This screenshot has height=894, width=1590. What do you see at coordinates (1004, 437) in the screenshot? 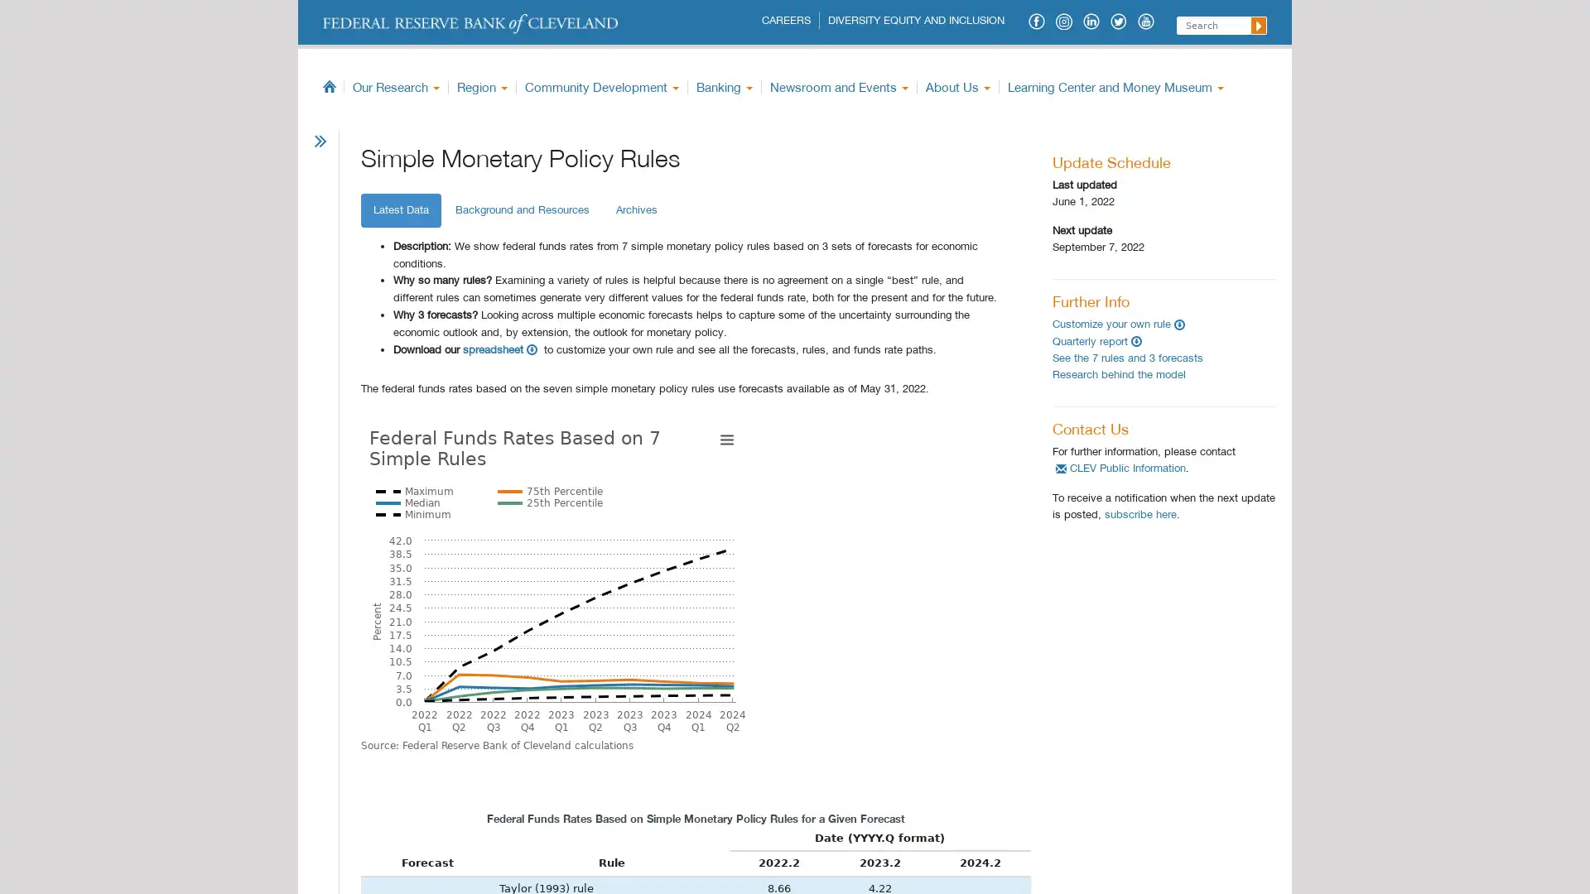
I see `View export menu` at bounding box center [1004, 437].